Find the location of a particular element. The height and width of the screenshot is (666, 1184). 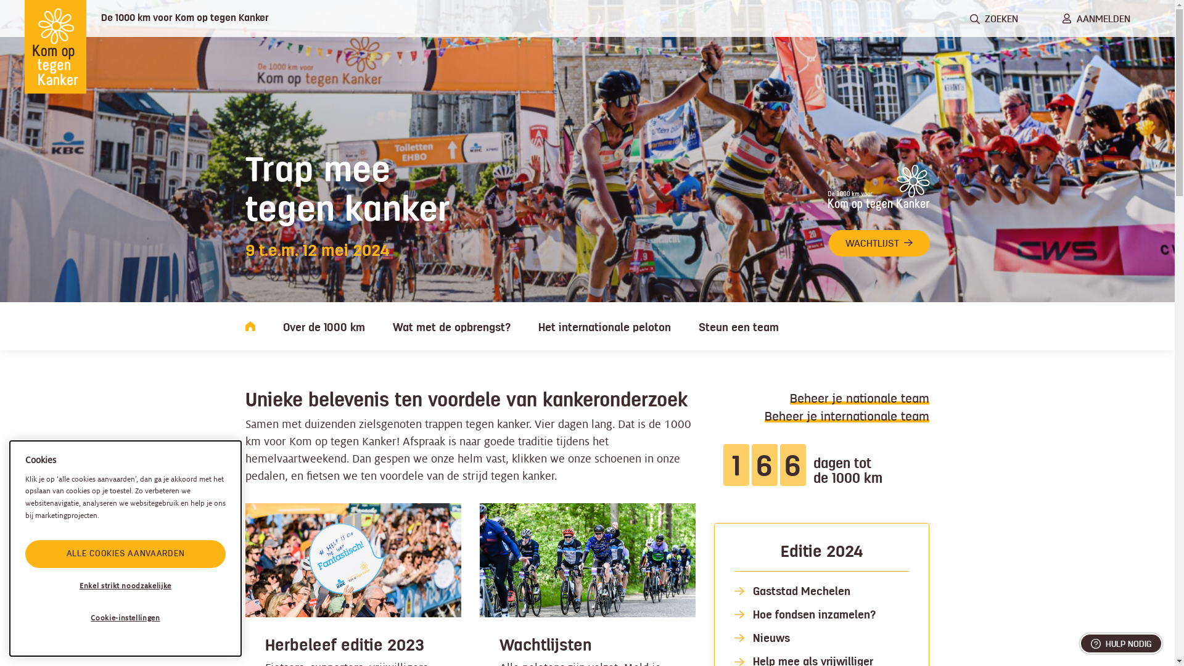

'Beheer je internationale team' is located at coordinates (846, 416).